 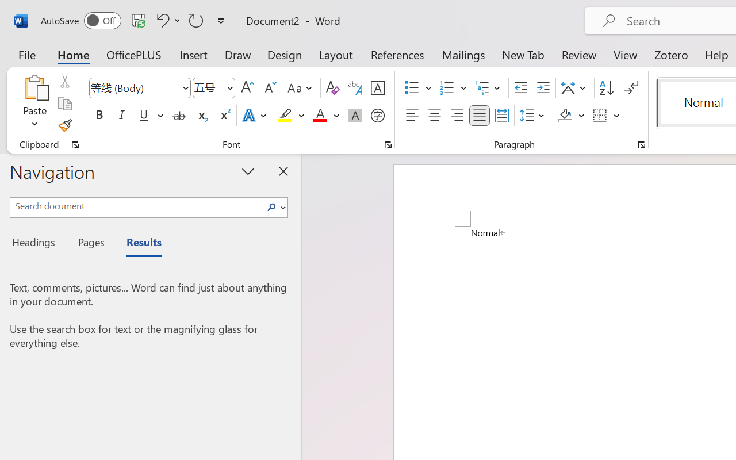 What do you see at coordinates (571, 116) in the screenshot?
I see `'Shading'` at bounding box center [571, 116].